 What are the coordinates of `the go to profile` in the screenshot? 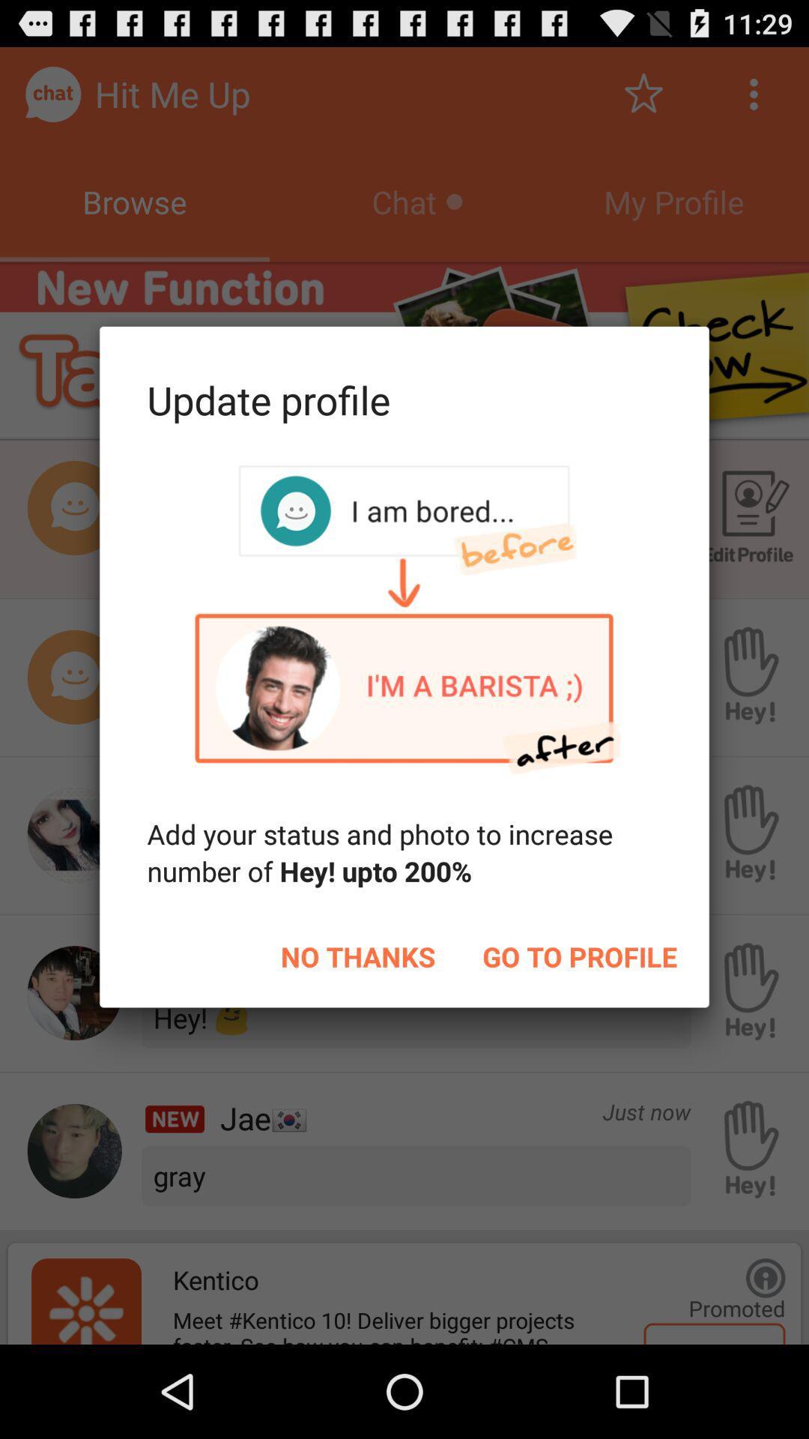 It's located at (579, 956).